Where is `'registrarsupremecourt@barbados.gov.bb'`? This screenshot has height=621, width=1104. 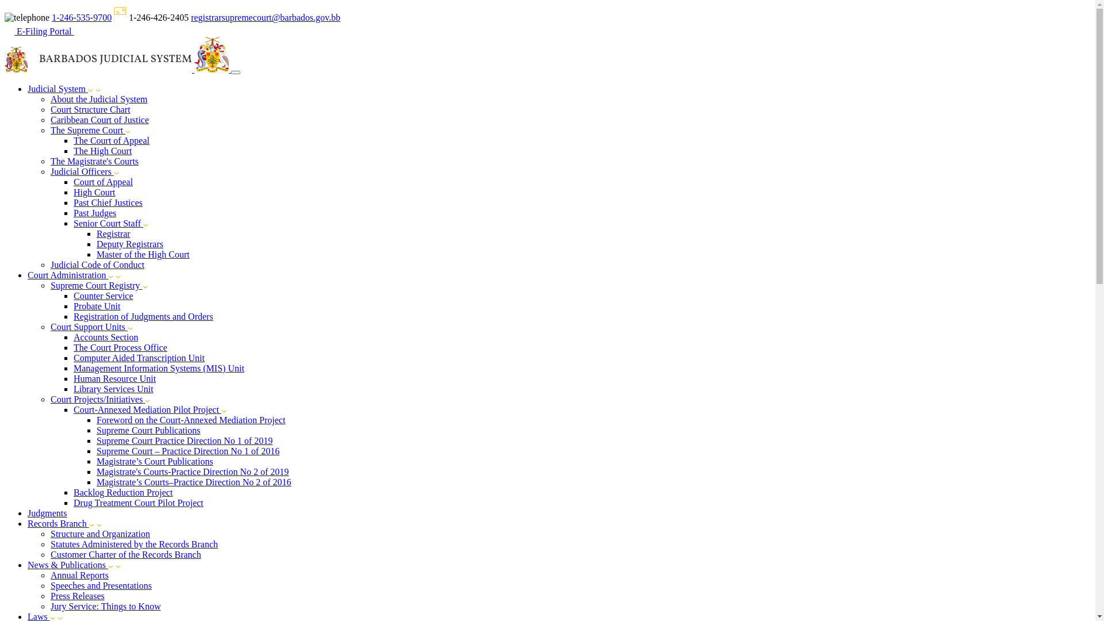 'registrarsupremecourt@barbados.gov.bb' is located at coordinates (264, 17).